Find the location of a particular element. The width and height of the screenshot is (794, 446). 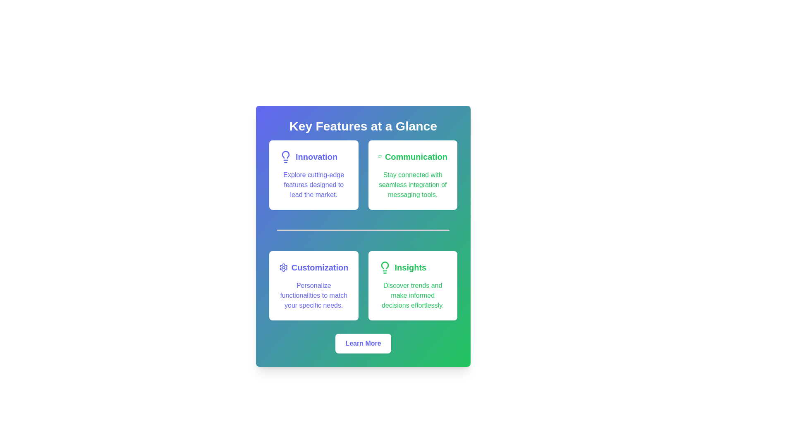

the lightbulb icon, which is a modern purple outline icon located in the top left card of the grid, symbolizing ideas or innovation is located at coordinates (286, 157).